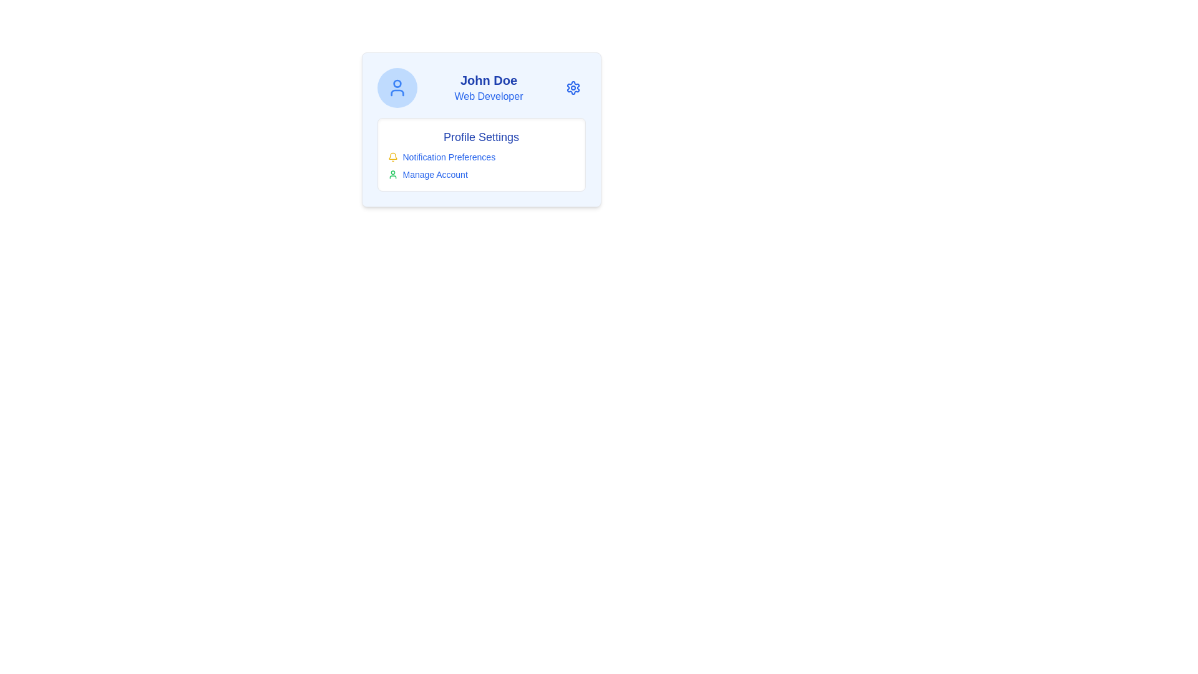  I want to click on the blue-colored avatar icon representing a user profile, which is located in the top-left corner of the card layout, above the 'John Doe' text label, so click(396, 87).